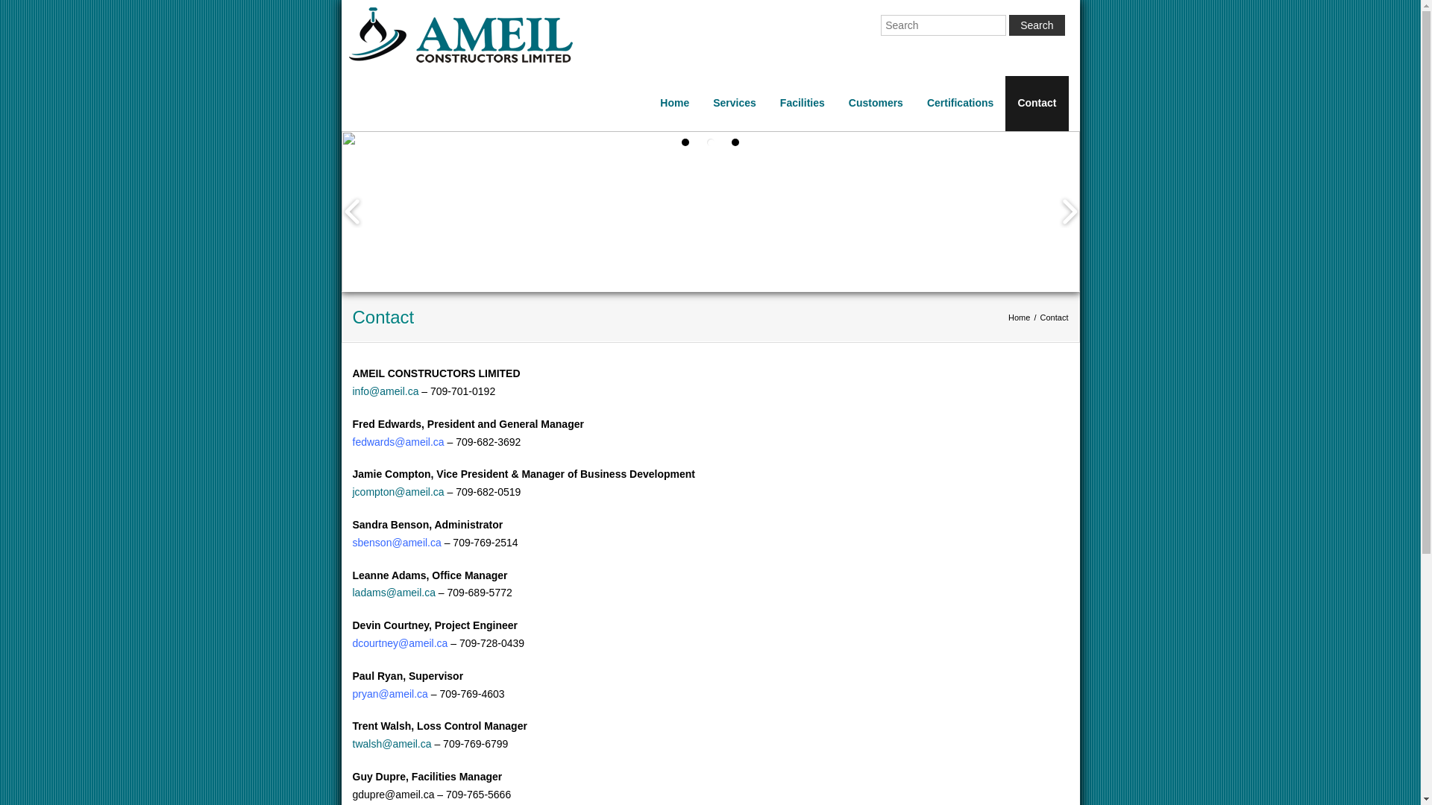 This screenshot has height=805, width=1432. I want to click on 'Services', so click(734, 102).